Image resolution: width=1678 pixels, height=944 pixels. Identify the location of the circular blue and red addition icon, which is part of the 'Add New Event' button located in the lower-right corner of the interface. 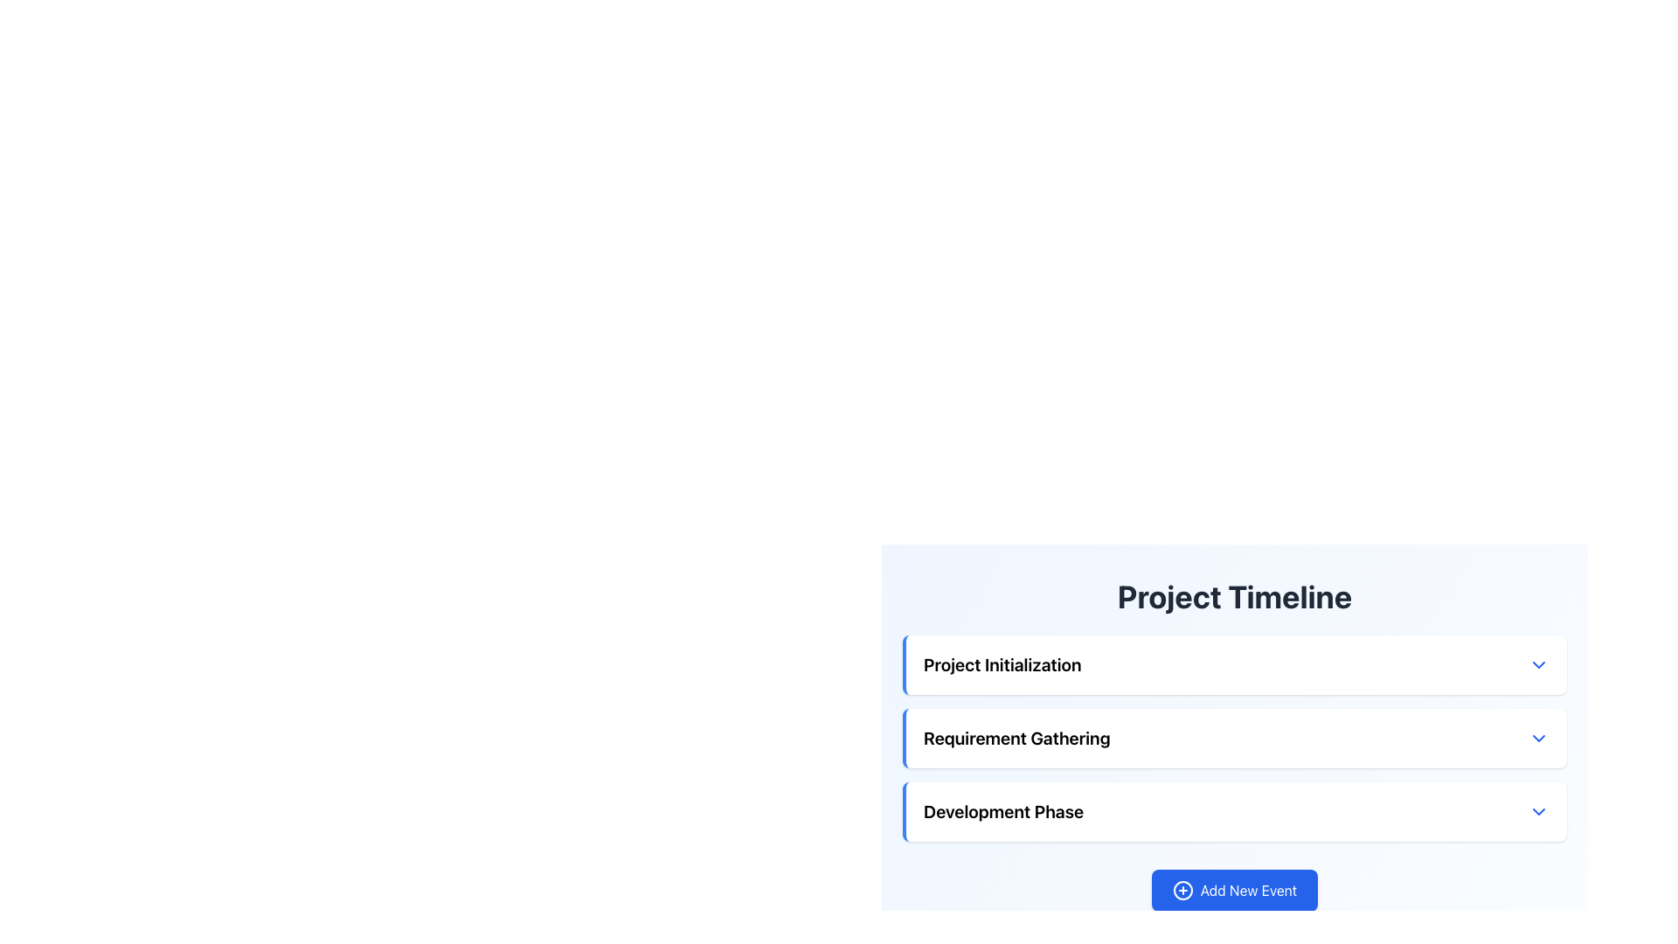
(1182, 890).